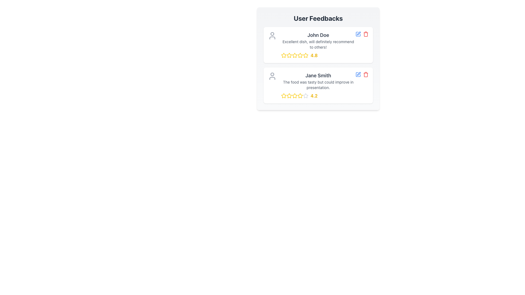 This screenshot has width=525, height=295. I want to click on the avatar icon representing user 'John Doe', located in the top-left corner of the feedback card next to the text 'Excellent dish, will definitely recommend to others!', so click(272, 36).